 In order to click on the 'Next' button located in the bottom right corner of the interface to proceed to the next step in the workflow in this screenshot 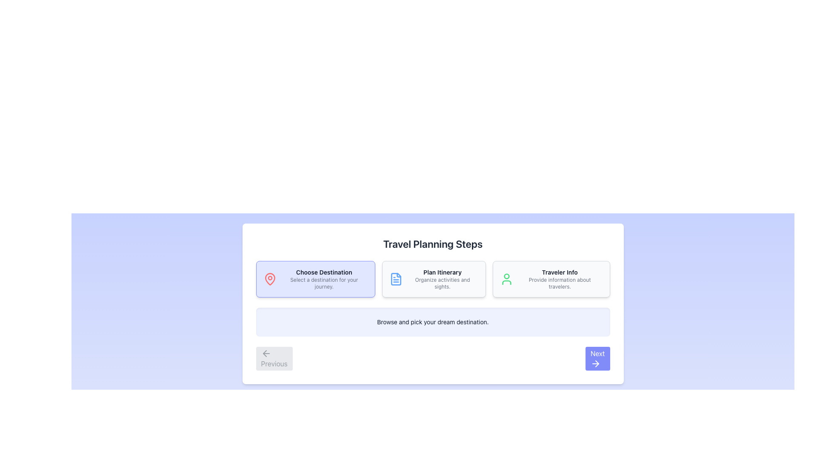, I will do `click(597, 359)`.